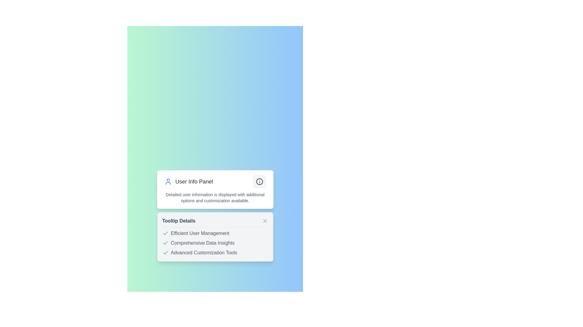 The width and height of the screenshot is (583, 327). What do you see at coordinates (165, 253) in the screenshot?
I see `the icon indicating that 'Advanced Customization Tools' is selected or enabled, which appears directly to the left of the text in the vertically stacked list` at bounding box center [165, 253].